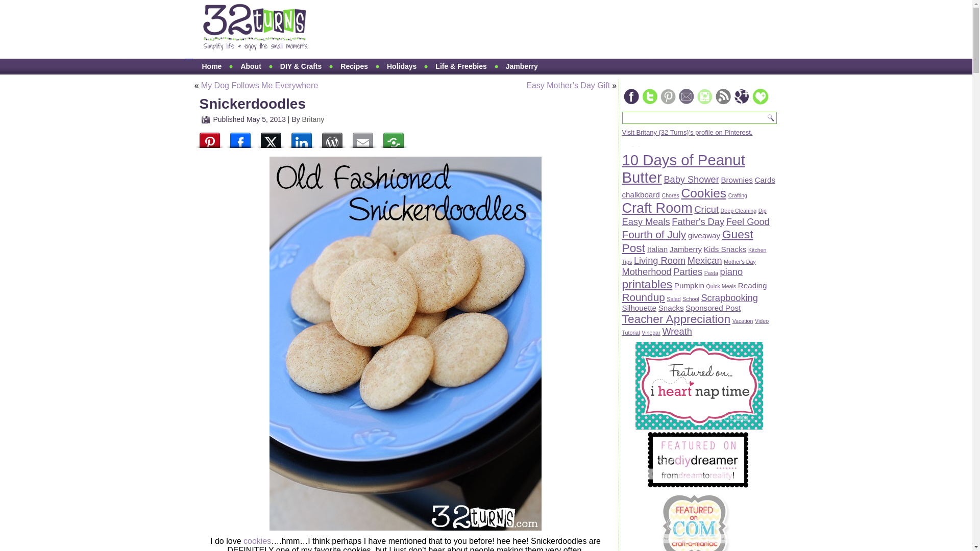  What do you see at coordinates (703, 235) in the screenshot?
I see `'giveaway'` at bounding box center [703, 235].